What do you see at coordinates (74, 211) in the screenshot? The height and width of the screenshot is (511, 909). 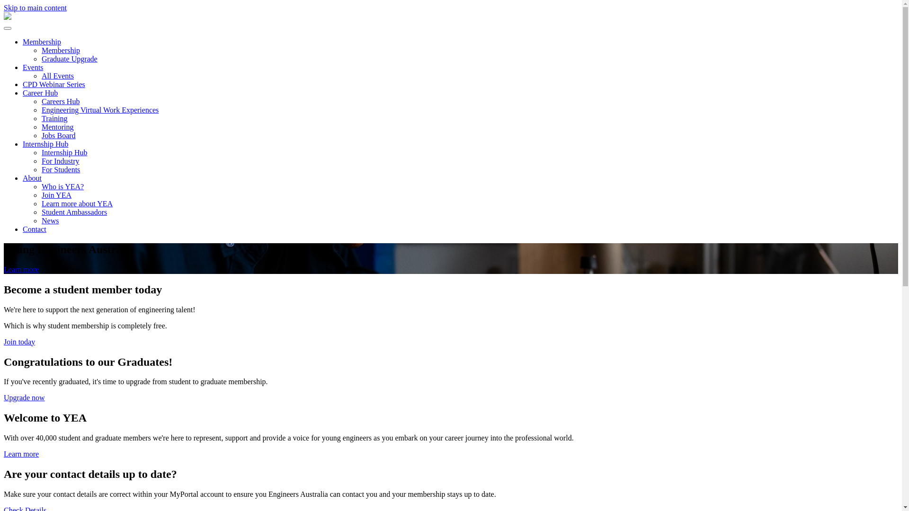 I see `'Student Ambassadors'` at bounding box center [74, 211].